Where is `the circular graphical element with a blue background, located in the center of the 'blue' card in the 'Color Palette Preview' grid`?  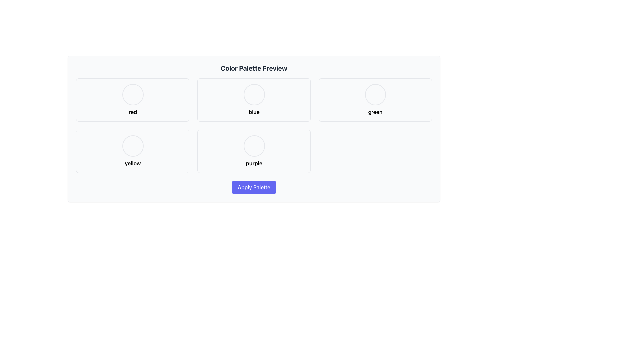
the circular graphical element with a blue background, located in the center of the 'blue' card in the 'Color Palette Preview' grid is located at coordinates (254, 95).